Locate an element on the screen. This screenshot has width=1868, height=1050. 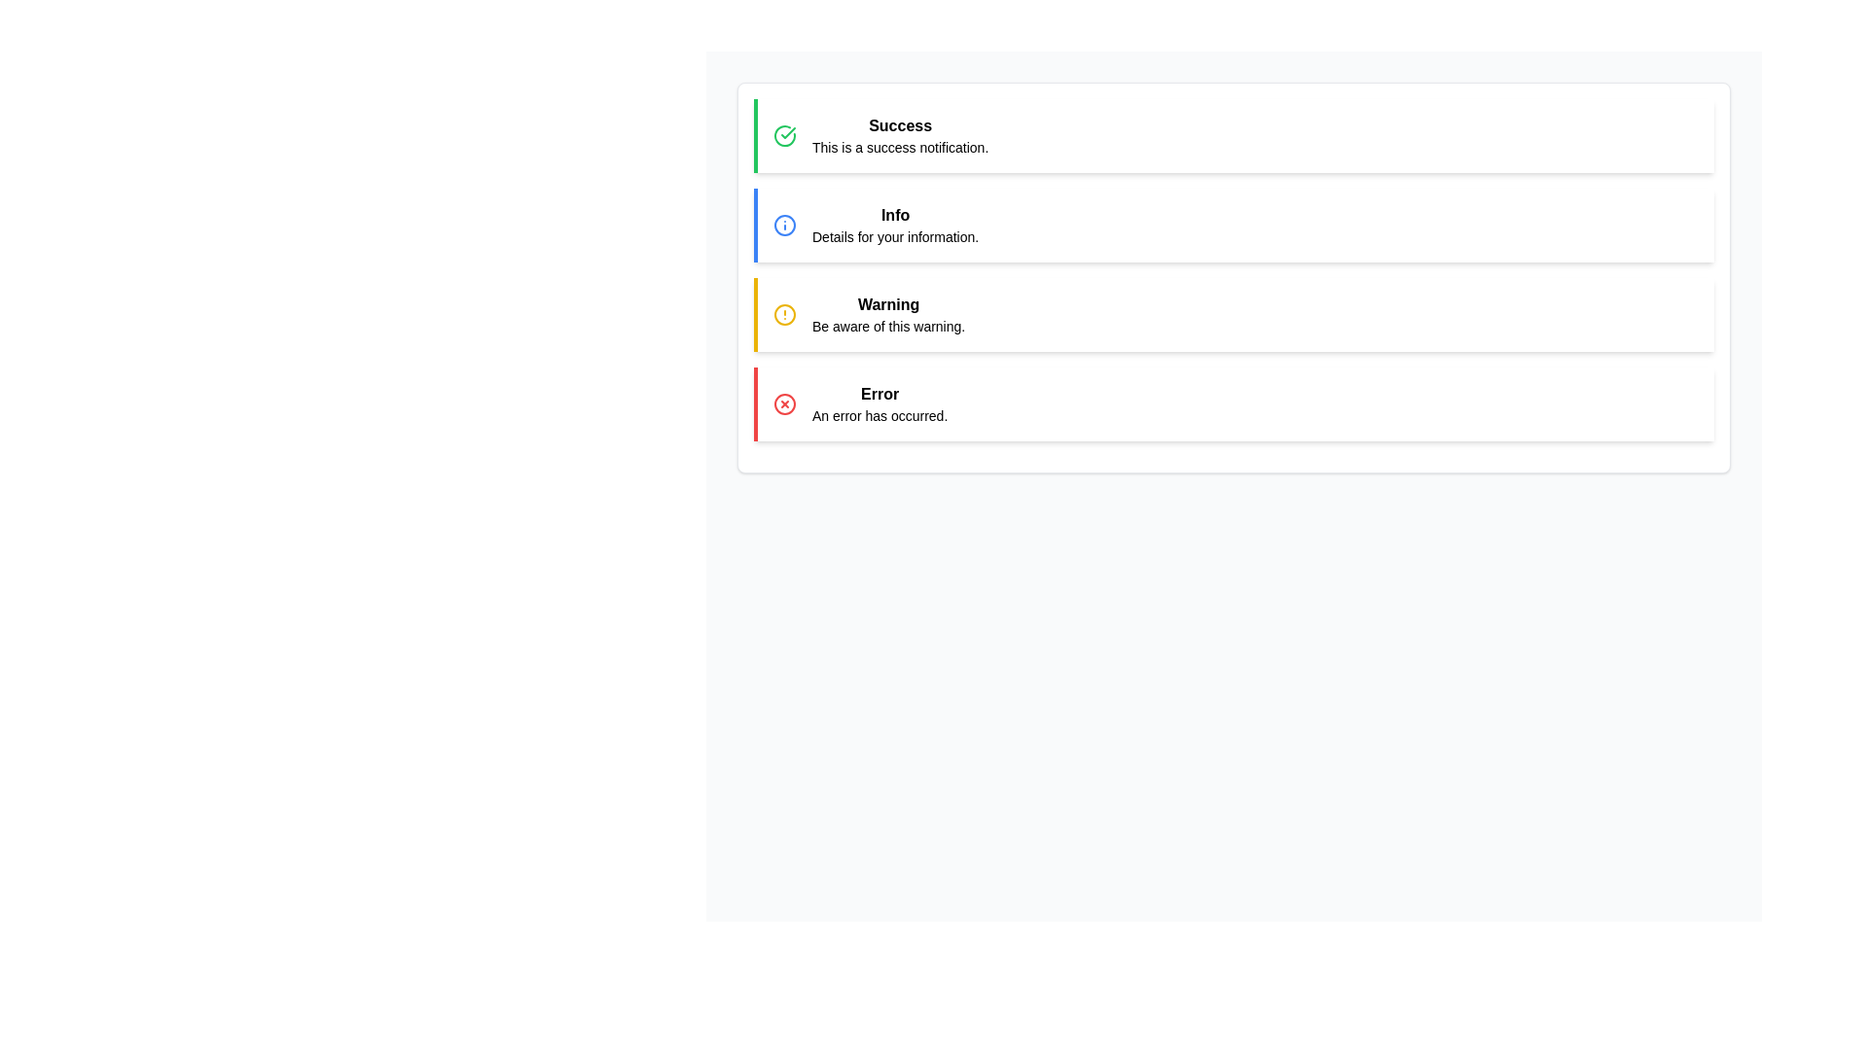
the bolded 'Success' label displayed prominently within a green-bordered notification card, which indicates success is located at coordinates (899, 126).